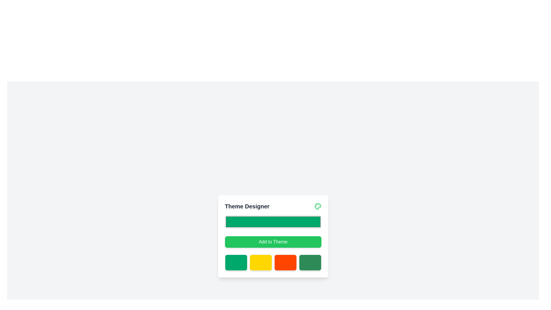  I want to click on the confirmation button located beneath the color picker rectangle and above the grid of color swatches, so click(273, 237).